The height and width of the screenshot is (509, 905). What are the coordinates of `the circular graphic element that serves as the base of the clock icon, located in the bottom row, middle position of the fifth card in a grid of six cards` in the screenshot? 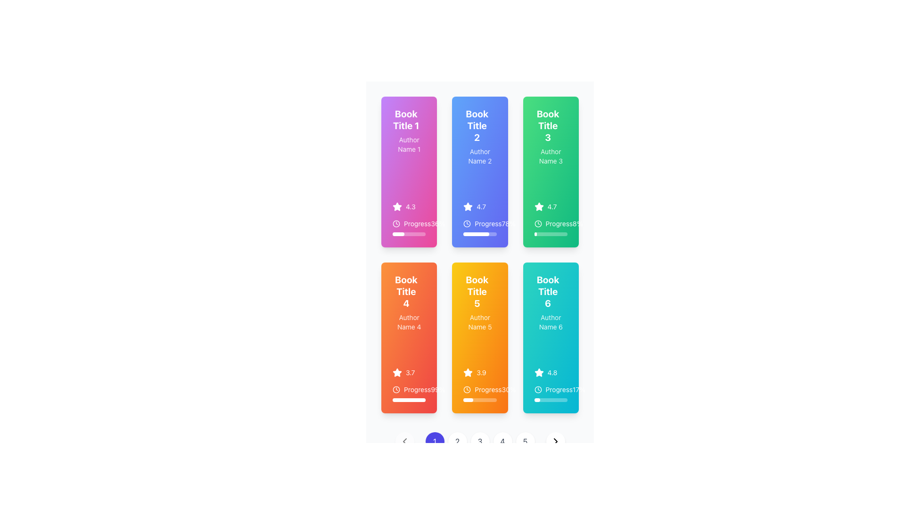 It's located at (467, 389).